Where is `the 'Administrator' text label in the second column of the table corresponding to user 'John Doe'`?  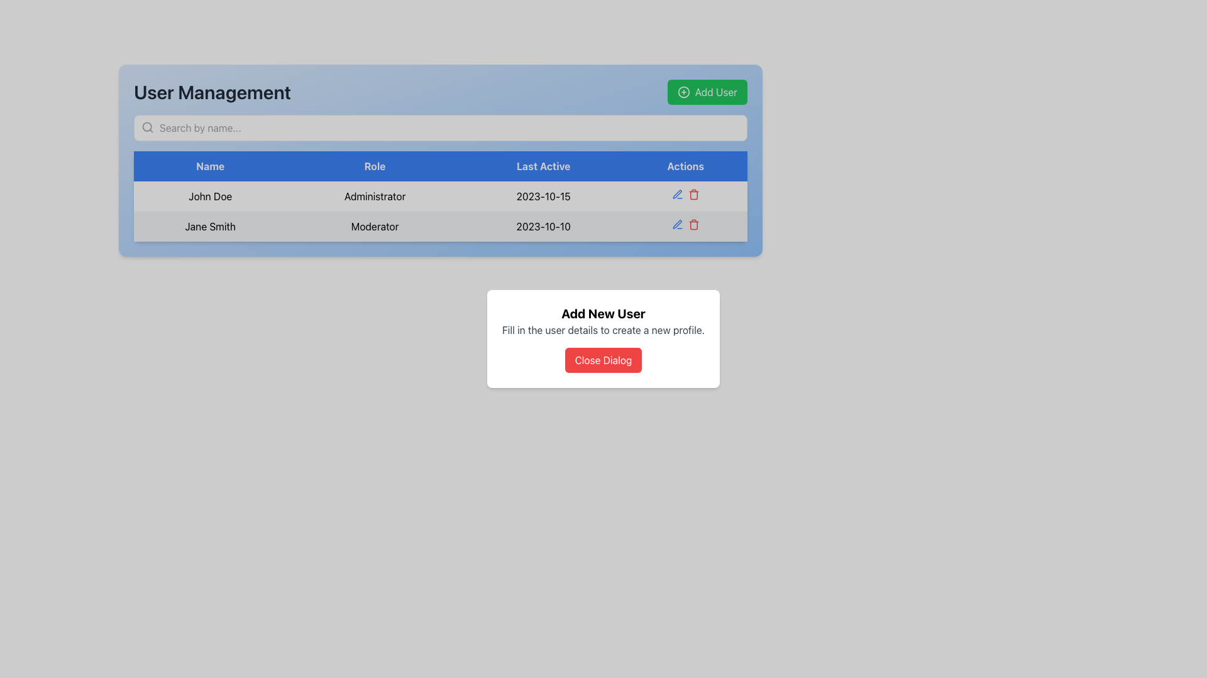 the 'Administrator' text label in the second column of the table corresponding to user 'John Doe' is located at coordinates (374, 196).